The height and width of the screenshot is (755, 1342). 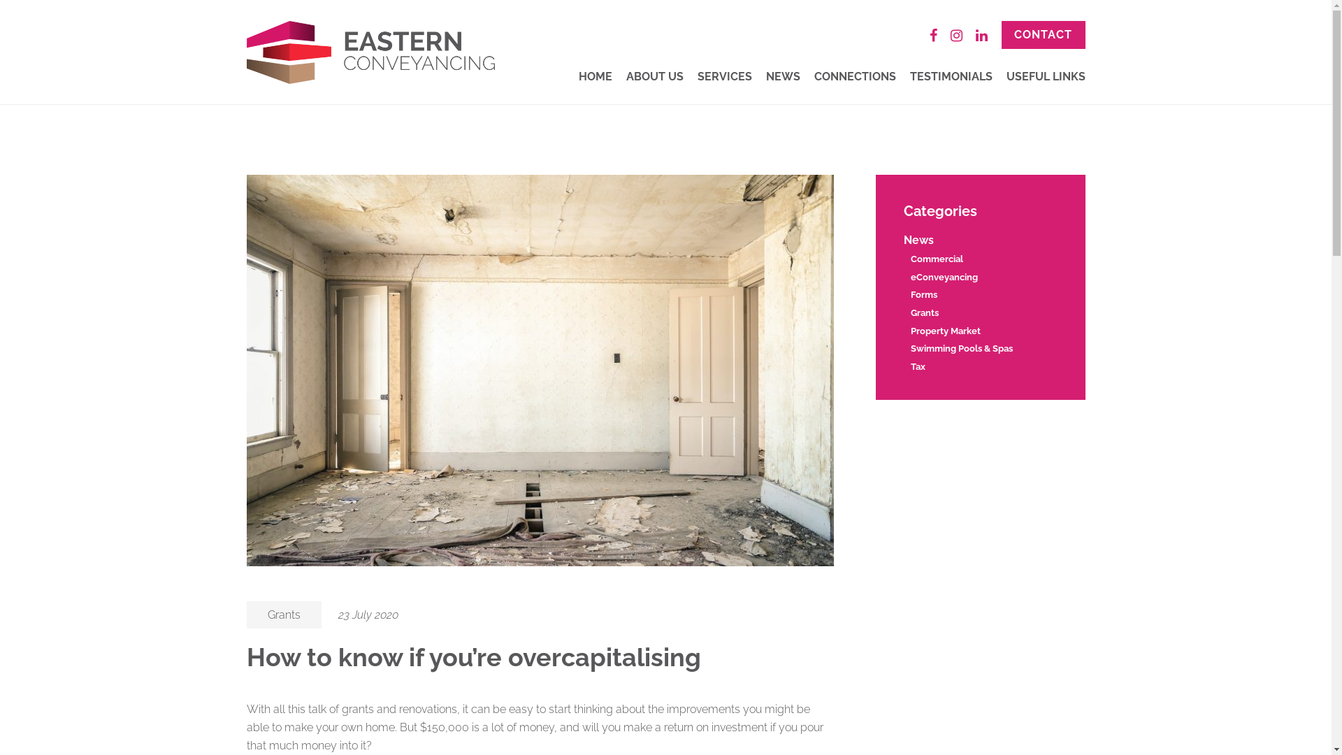 What do you see at coordinates (909, 331) in the screenshot?
I see `'Property Market'` at bounding box center [909, 331].